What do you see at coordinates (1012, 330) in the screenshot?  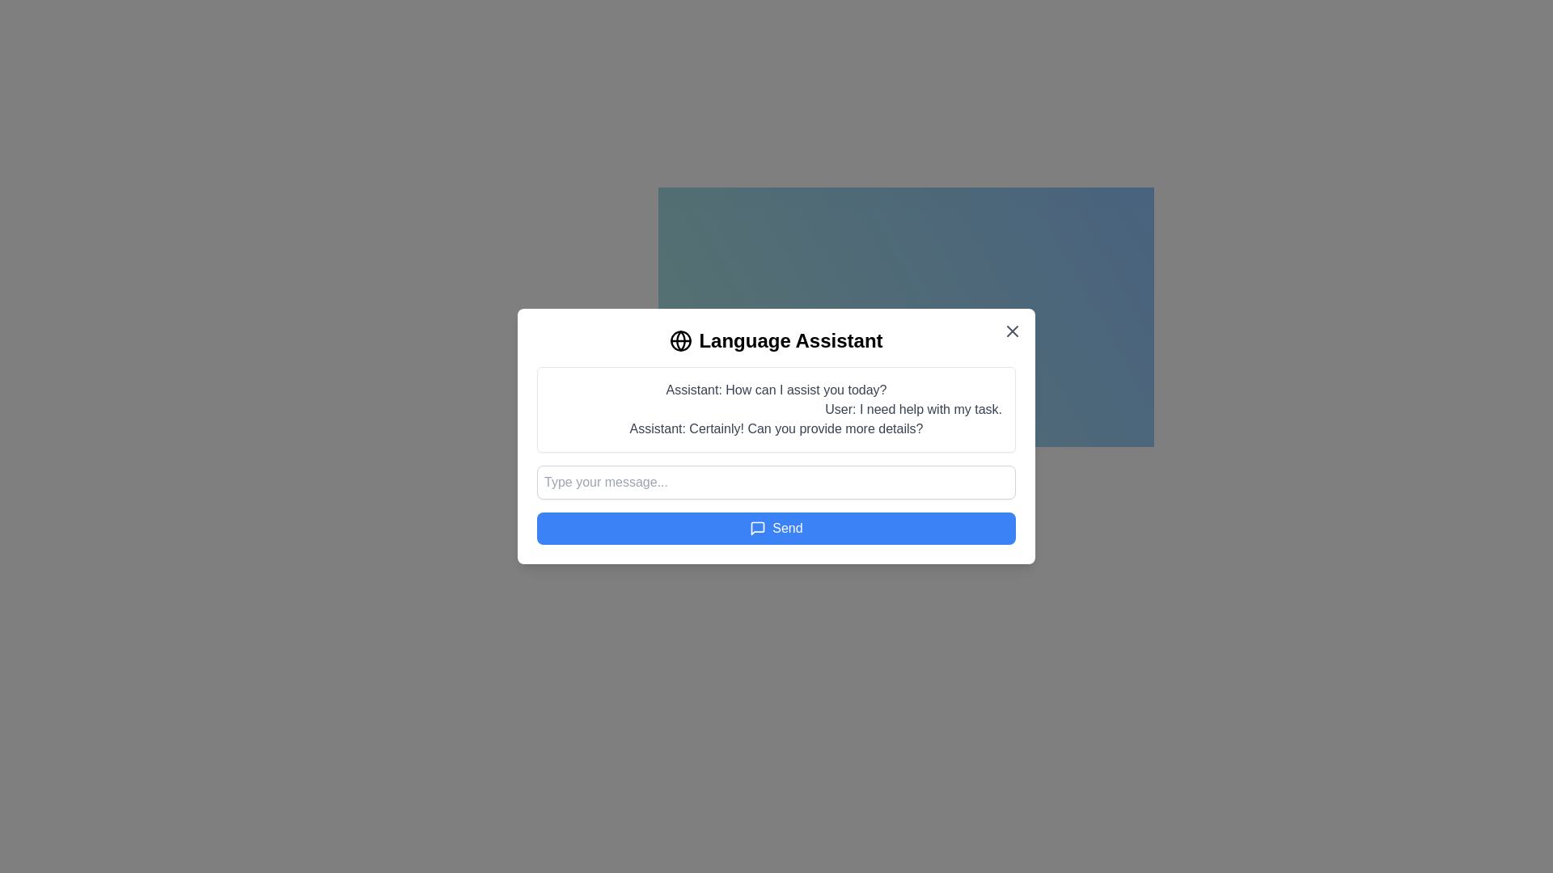 I see `the Close button icon located at the top-right corner of the modal window, above the title 'Language Assistant'` at bounding box center [1012, 330].